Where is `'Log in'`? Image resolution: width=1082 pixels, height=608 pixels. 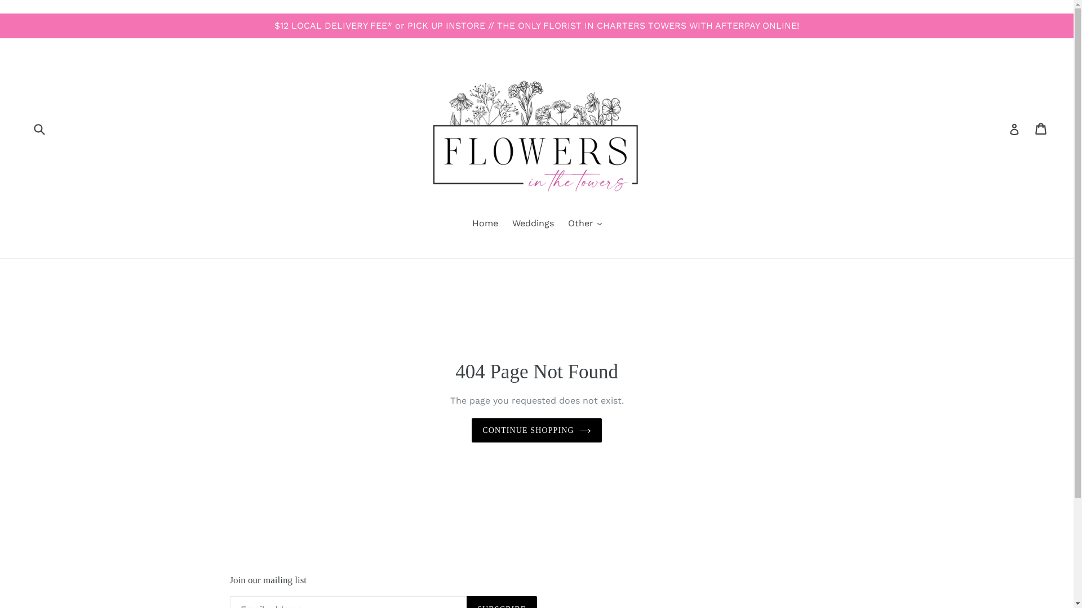
'Log in' is located at coordinates (1014, 128).